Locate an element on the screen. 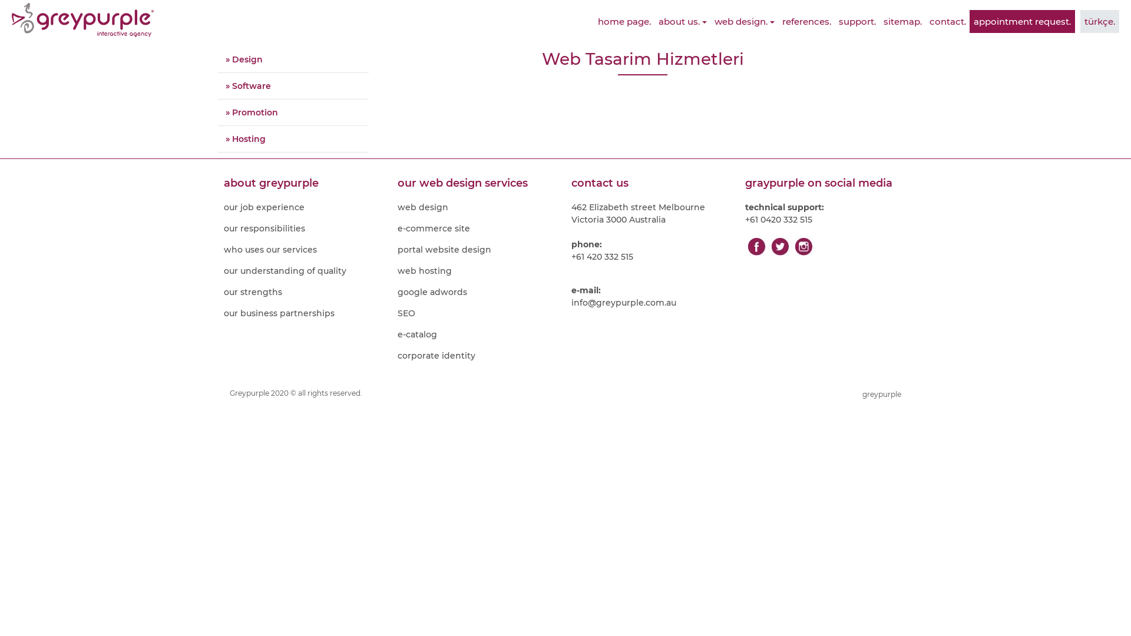 This screenshot has width=1131, height=636. 'graypurple on social media' is located at coordinates (745, 183).